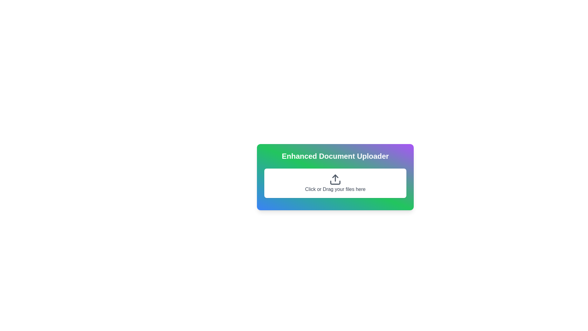 The image size is (588, 331). I want to click on headline text label of the document uploading component, which is positioned above the file uploading instructions and icon in the center of the interface, so click(335, 156).